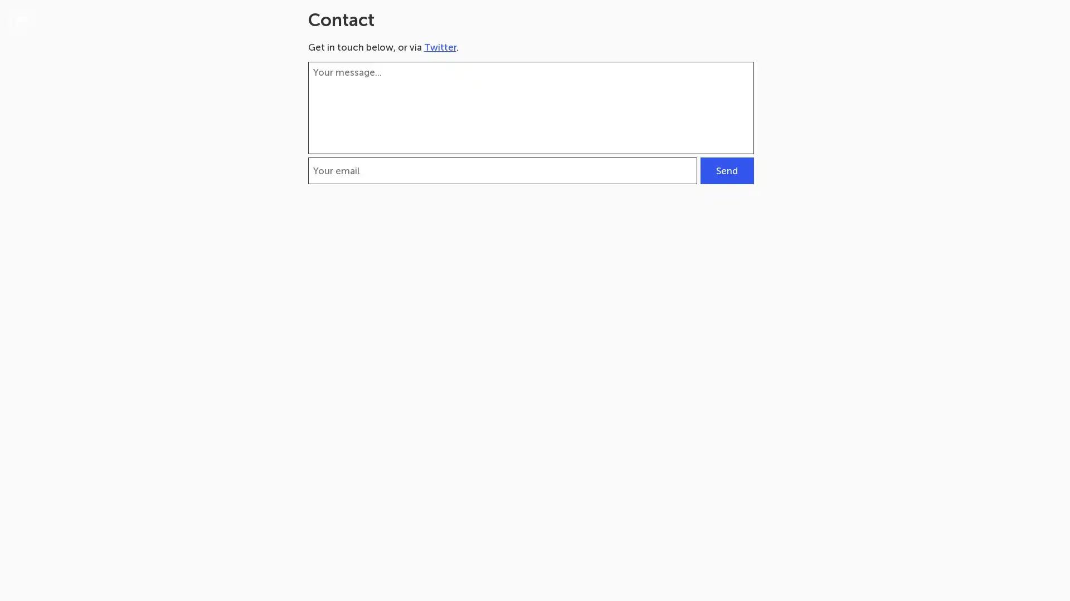 Image resolution: width=1070 pixels, height=601 pixels. Describe the element at coordinates (727, 171) in the screenshot. I see `Send` at that location.